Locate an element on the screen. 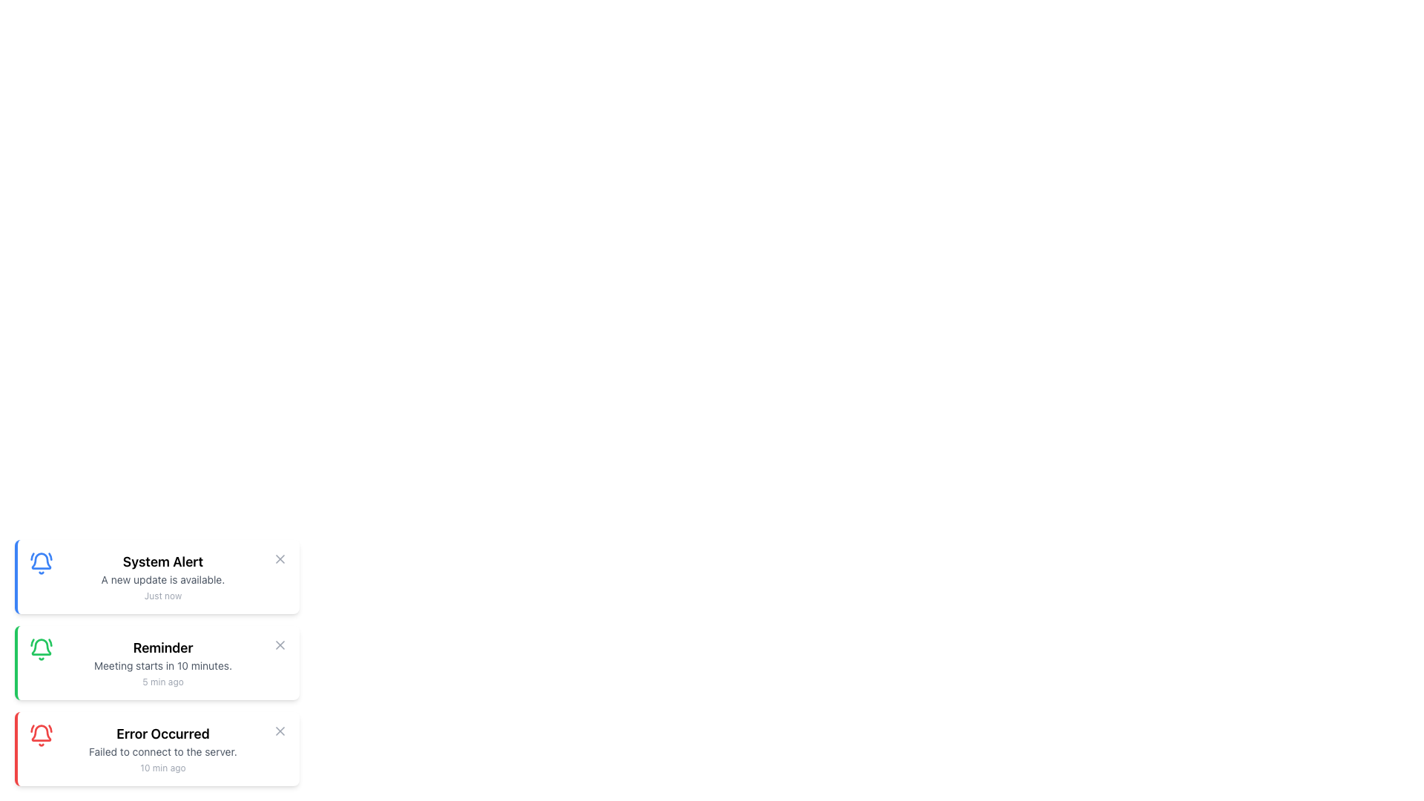  the dismiss button shaped like an 'X' located in the top-right corner of the 'Reminder' card is located at coordinates (280, 645).